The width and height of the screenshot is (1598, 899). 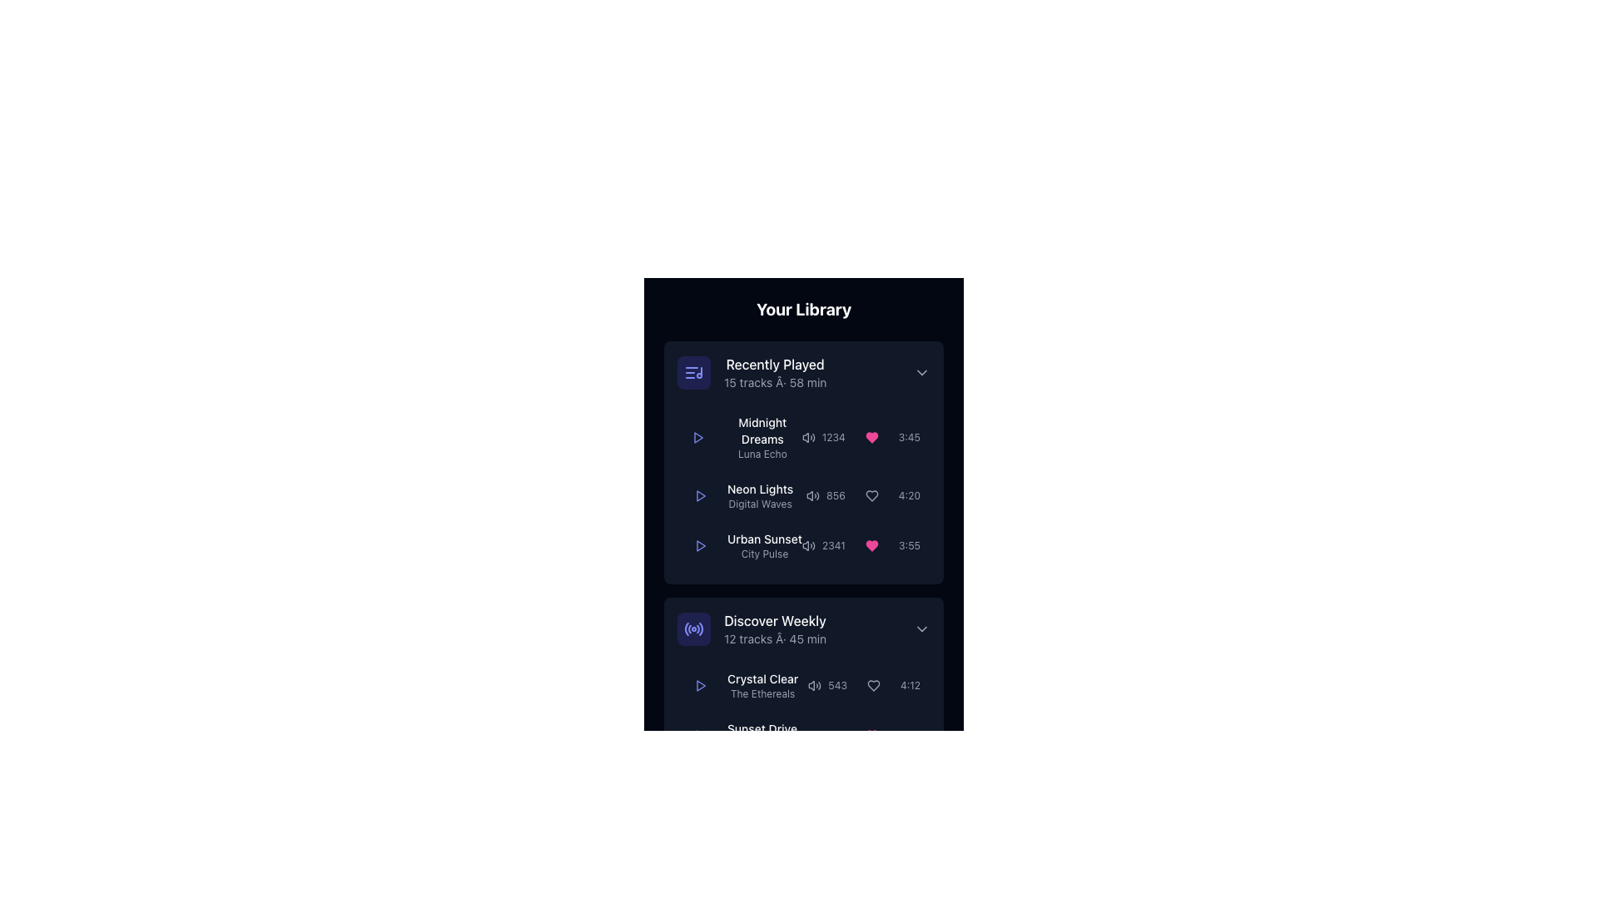 I want to click on the text label displaying 'Urban Sunset' in the 'Recently Played' section of the music library interface, which is styled with white color against a dark background, so click(x=763, y=539).